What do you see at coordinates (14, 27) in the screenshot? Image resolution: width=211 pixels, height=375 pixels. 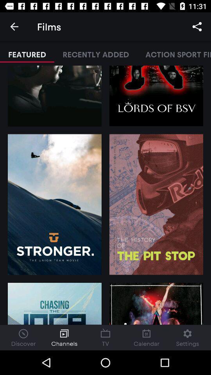 I see `icon next to films icon` at bounding box center [14, 27].